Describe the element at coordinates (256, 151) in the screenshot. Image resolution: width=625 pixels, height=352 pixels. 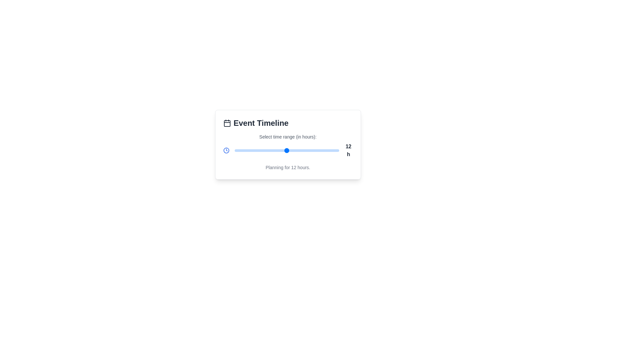
I see `the timeline duration` at that location.